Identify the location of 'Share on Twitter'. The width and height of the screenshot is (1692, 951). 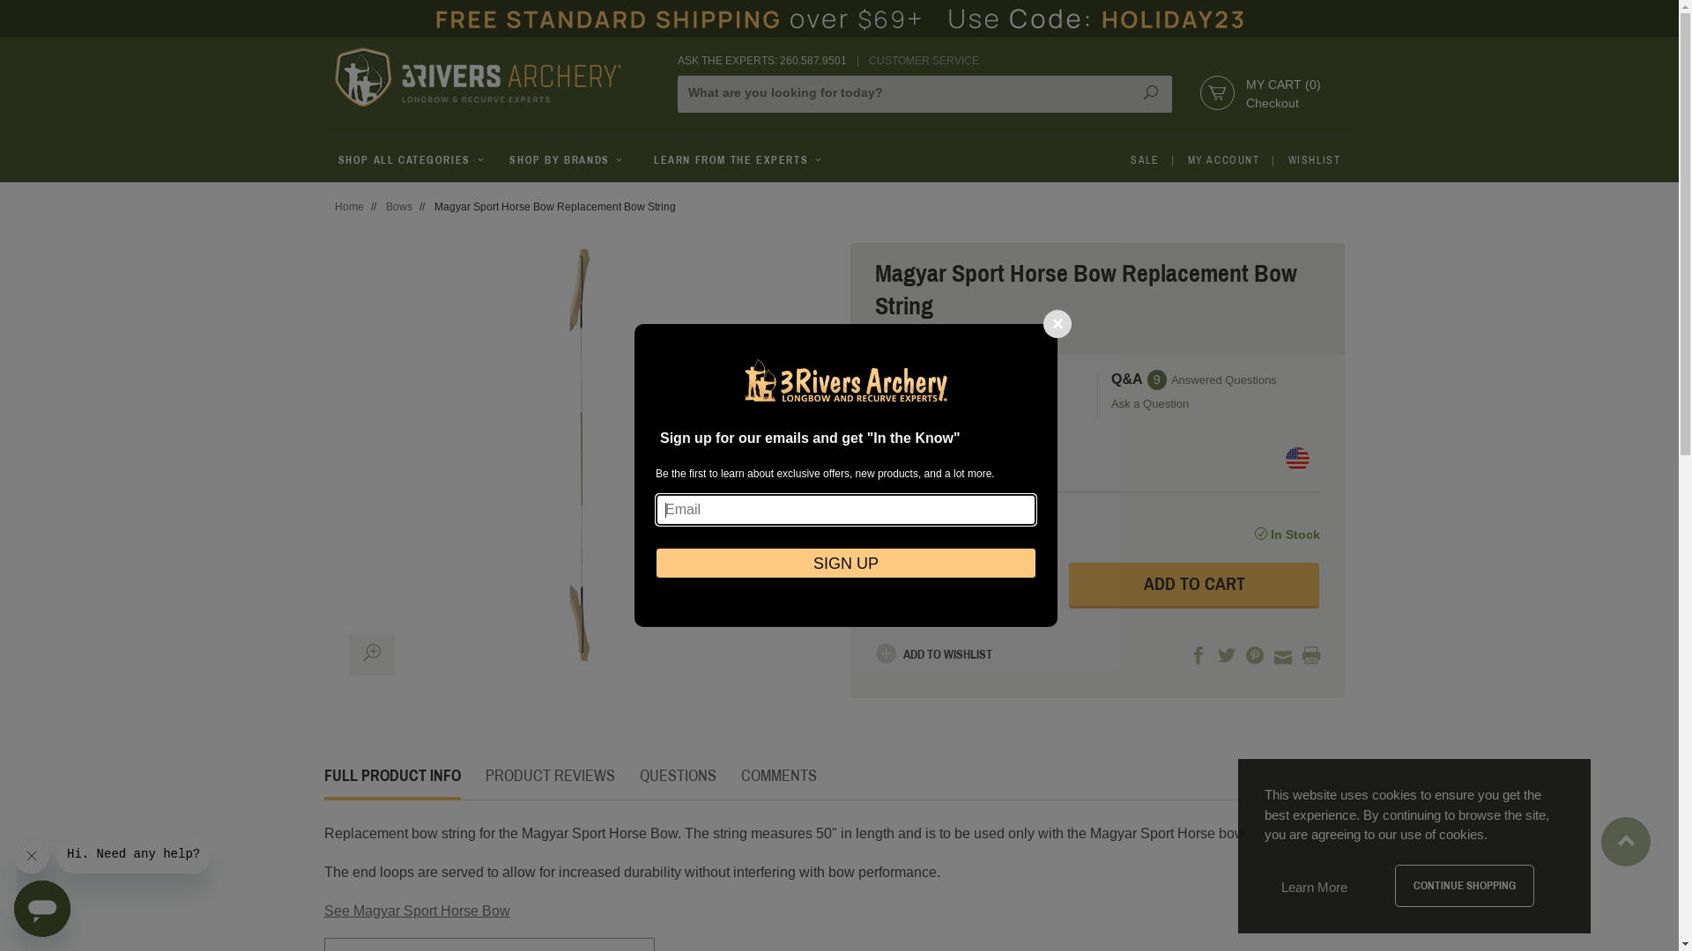
(1226, 656).